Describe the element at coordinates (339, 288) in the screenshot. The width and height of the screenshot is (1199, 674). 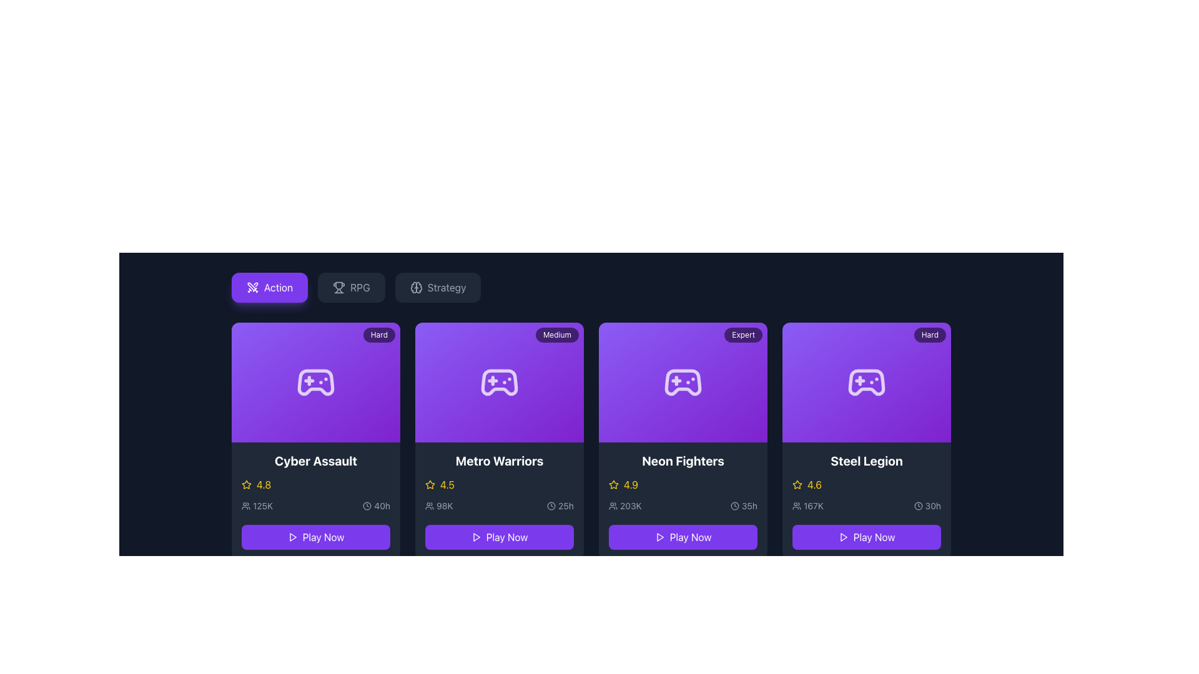
I see `the trophy icon associated with the 'RPG' category label` at that location.